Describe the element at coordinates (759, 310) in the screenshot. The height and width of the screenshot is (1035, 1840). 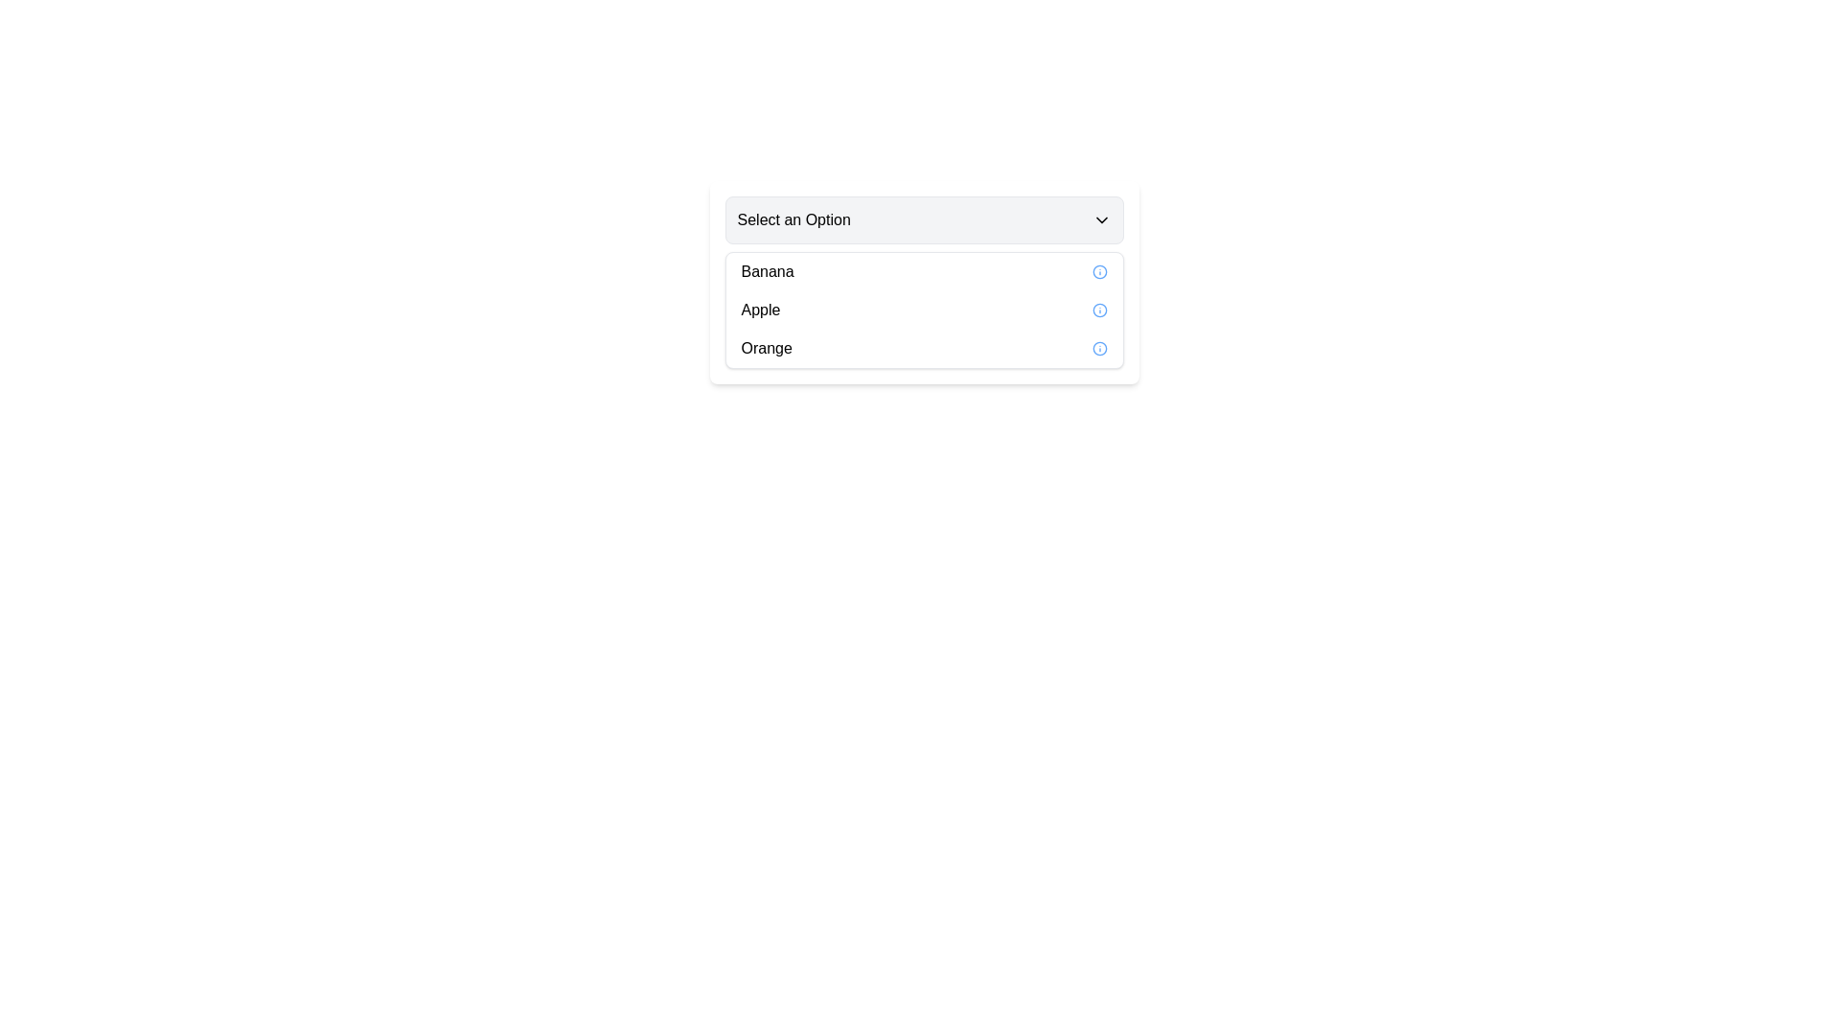
I see `the text label displaying 'Apple' in black font, which is the second option in a vertically stacked dropdown menu between 'Banana' and 'Orange'` at that location.